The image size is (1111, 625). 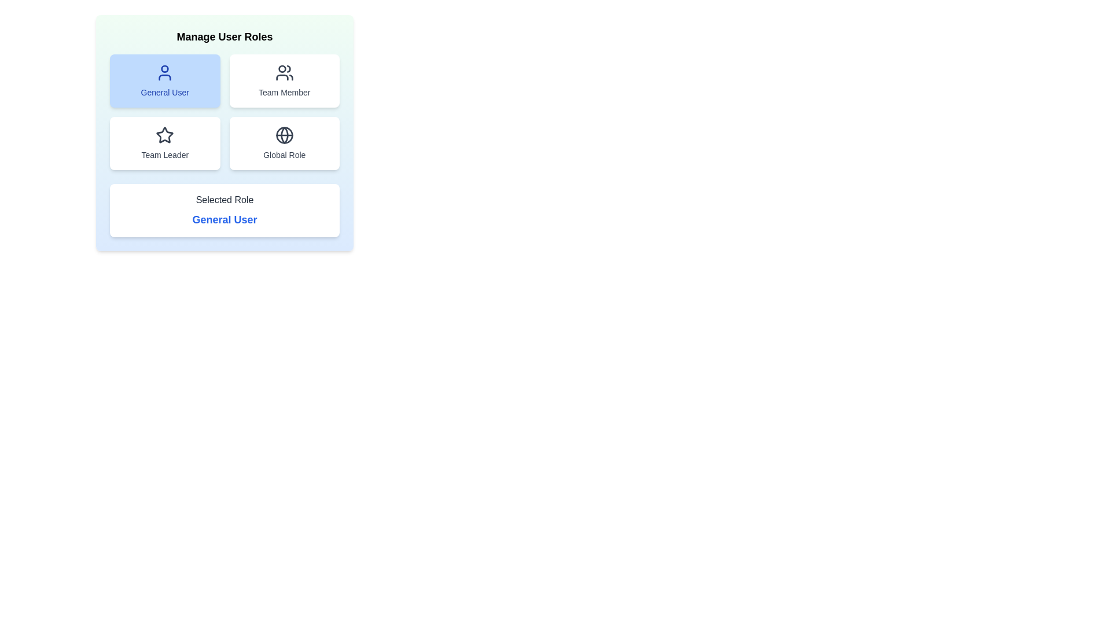 What do you see at coordinates (284, 142) in the screenshot?
I see `the button labeled Global Role to observe its hover effect` at bounding box center [284, 142].